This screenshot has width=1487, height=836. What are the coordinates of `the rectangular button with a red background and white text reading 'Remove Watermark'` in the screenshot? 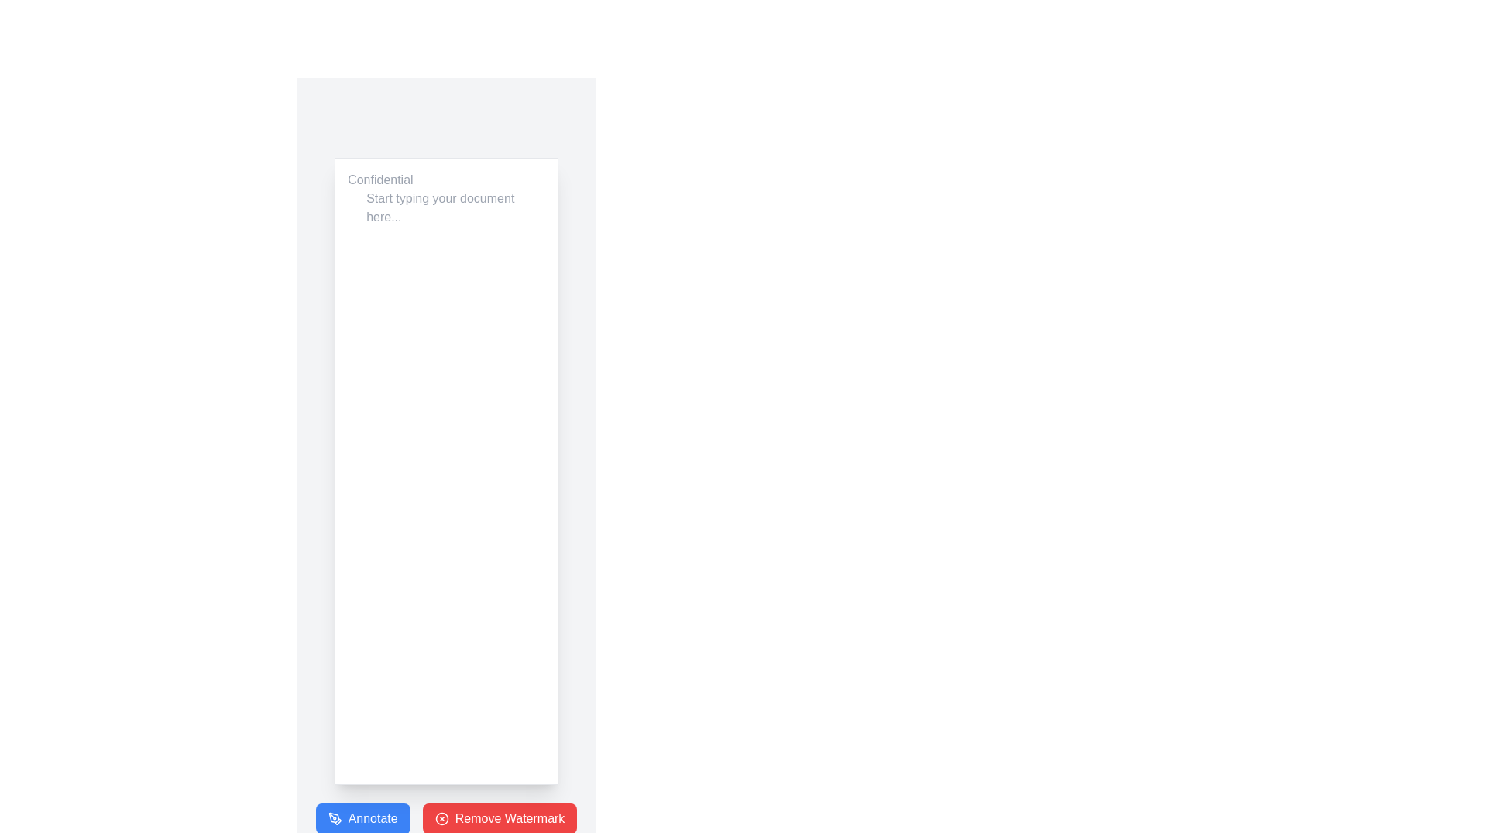 It's located at (500, 817).